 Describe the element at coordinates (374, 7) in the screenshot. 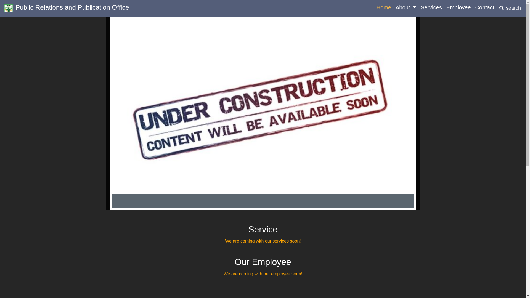

I see `'Home` at that location.